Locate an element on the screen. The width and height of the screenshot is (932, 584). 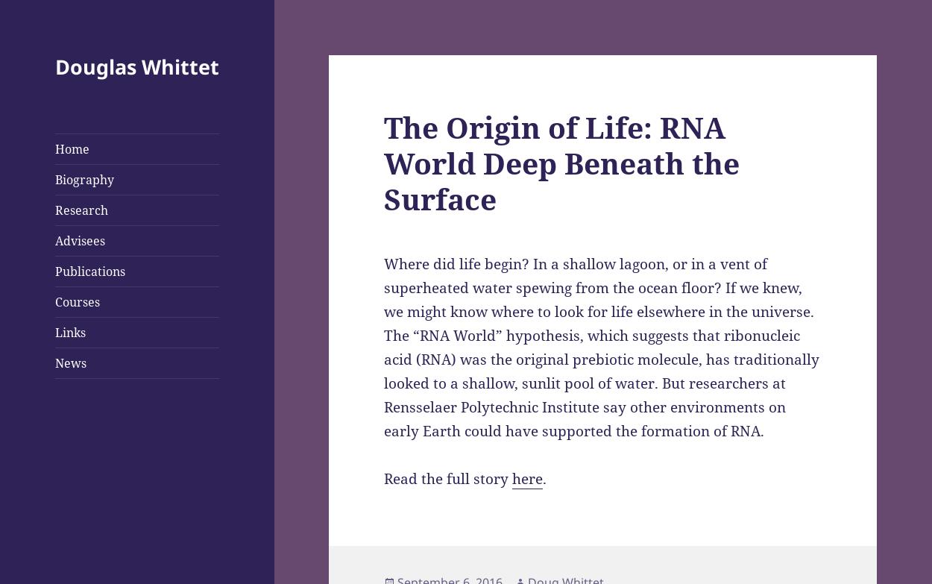
'Links' is located at coordinates (69, 331).